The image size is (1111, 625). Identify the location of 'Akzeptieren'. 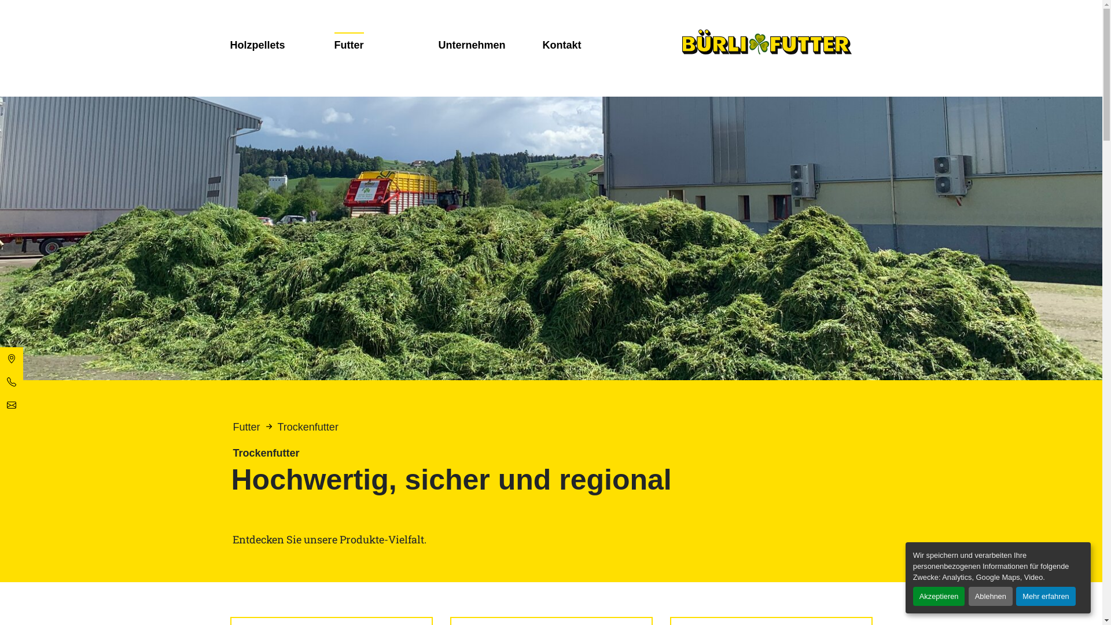
(939, 596).